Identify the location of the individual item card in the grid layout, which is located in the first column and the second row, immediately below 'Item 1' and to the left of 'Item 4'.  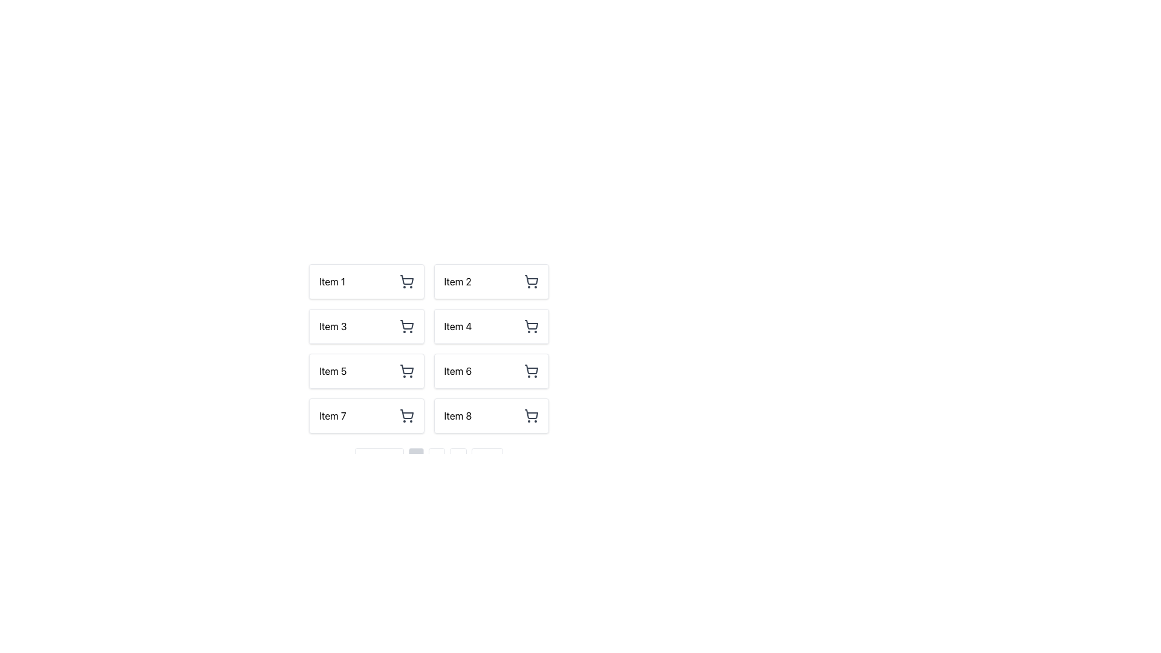
(366, 326).